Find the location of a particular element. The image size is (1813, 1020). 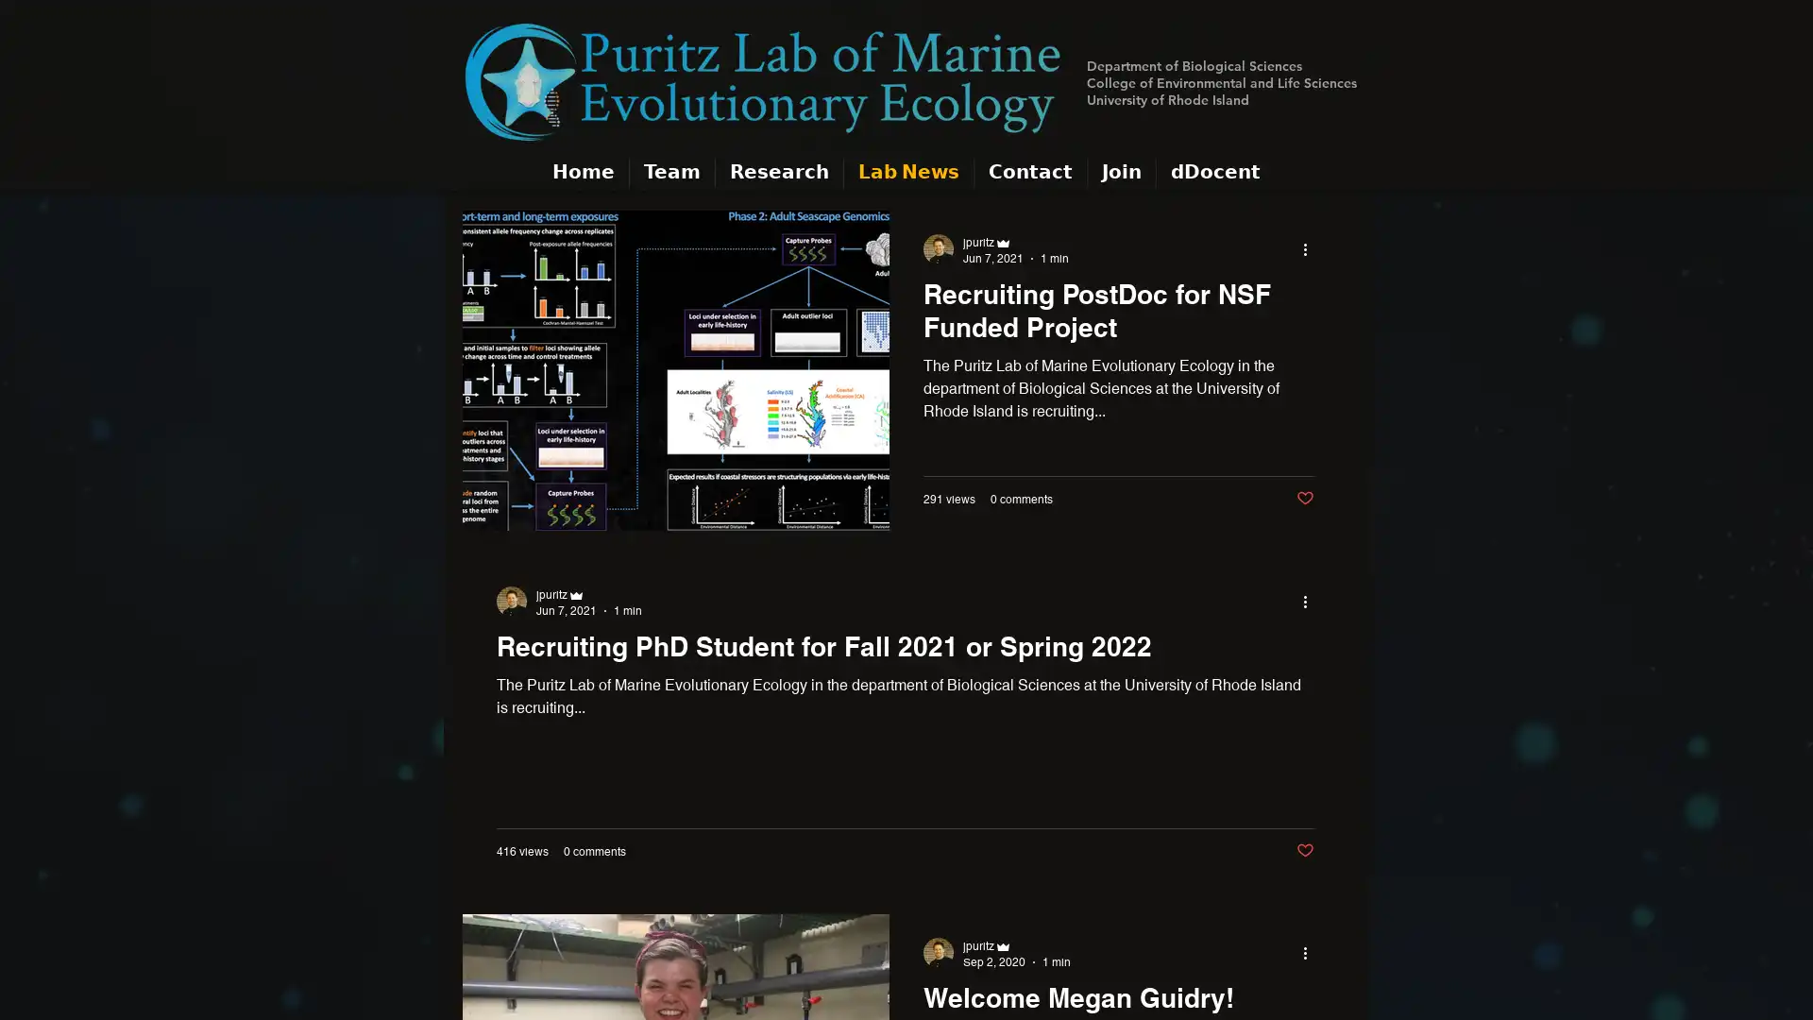

Post not marked as liked is located at coordinates (1304, 850).